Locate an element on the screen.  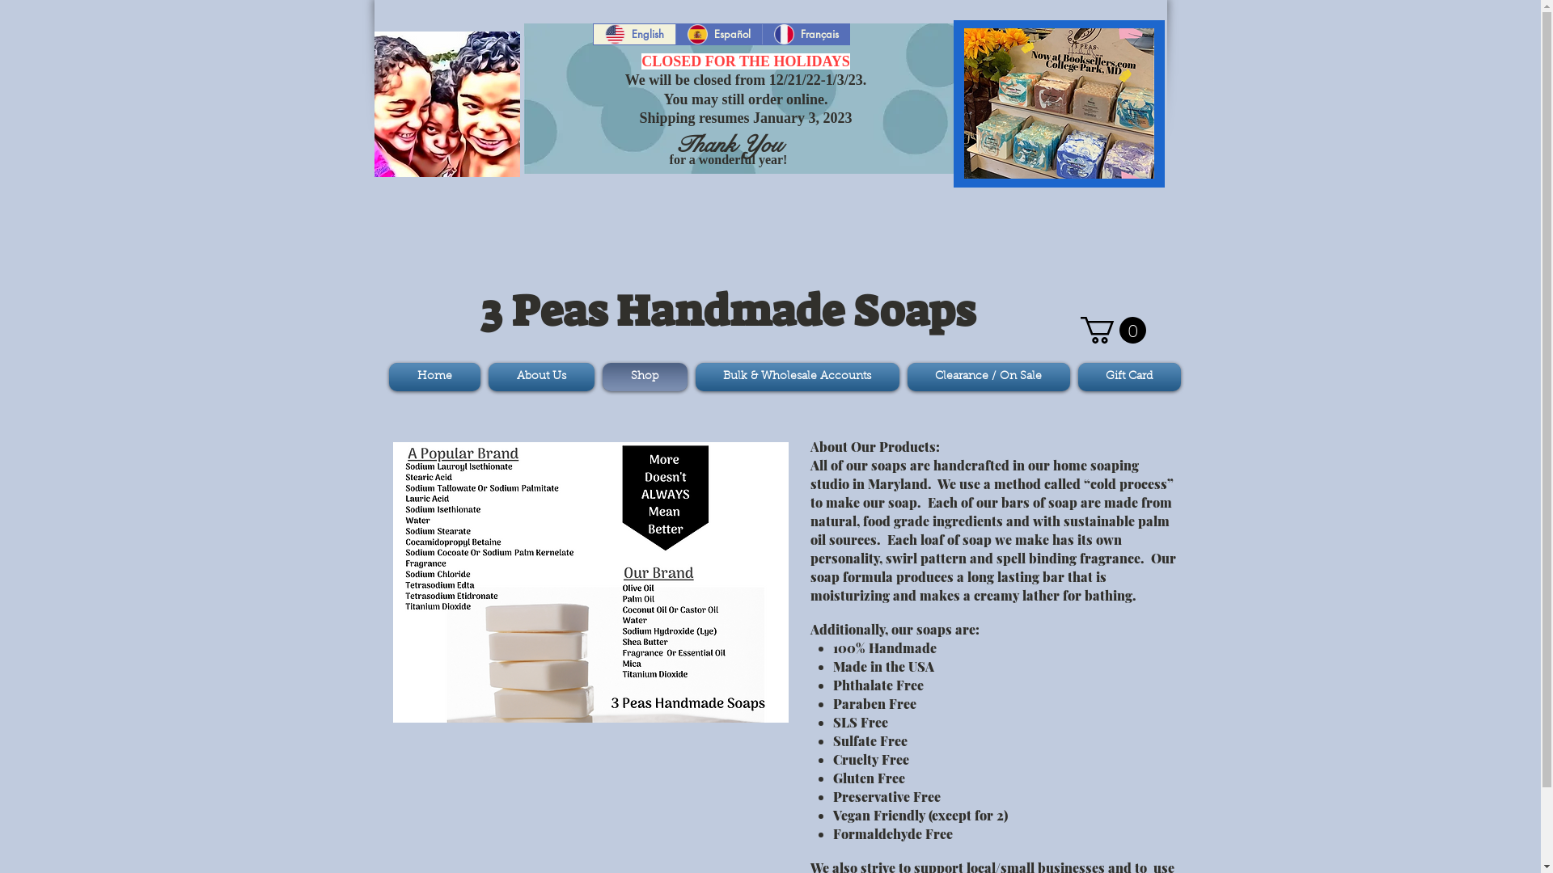
'Gift Card' is located at coordinates (1126, 377).